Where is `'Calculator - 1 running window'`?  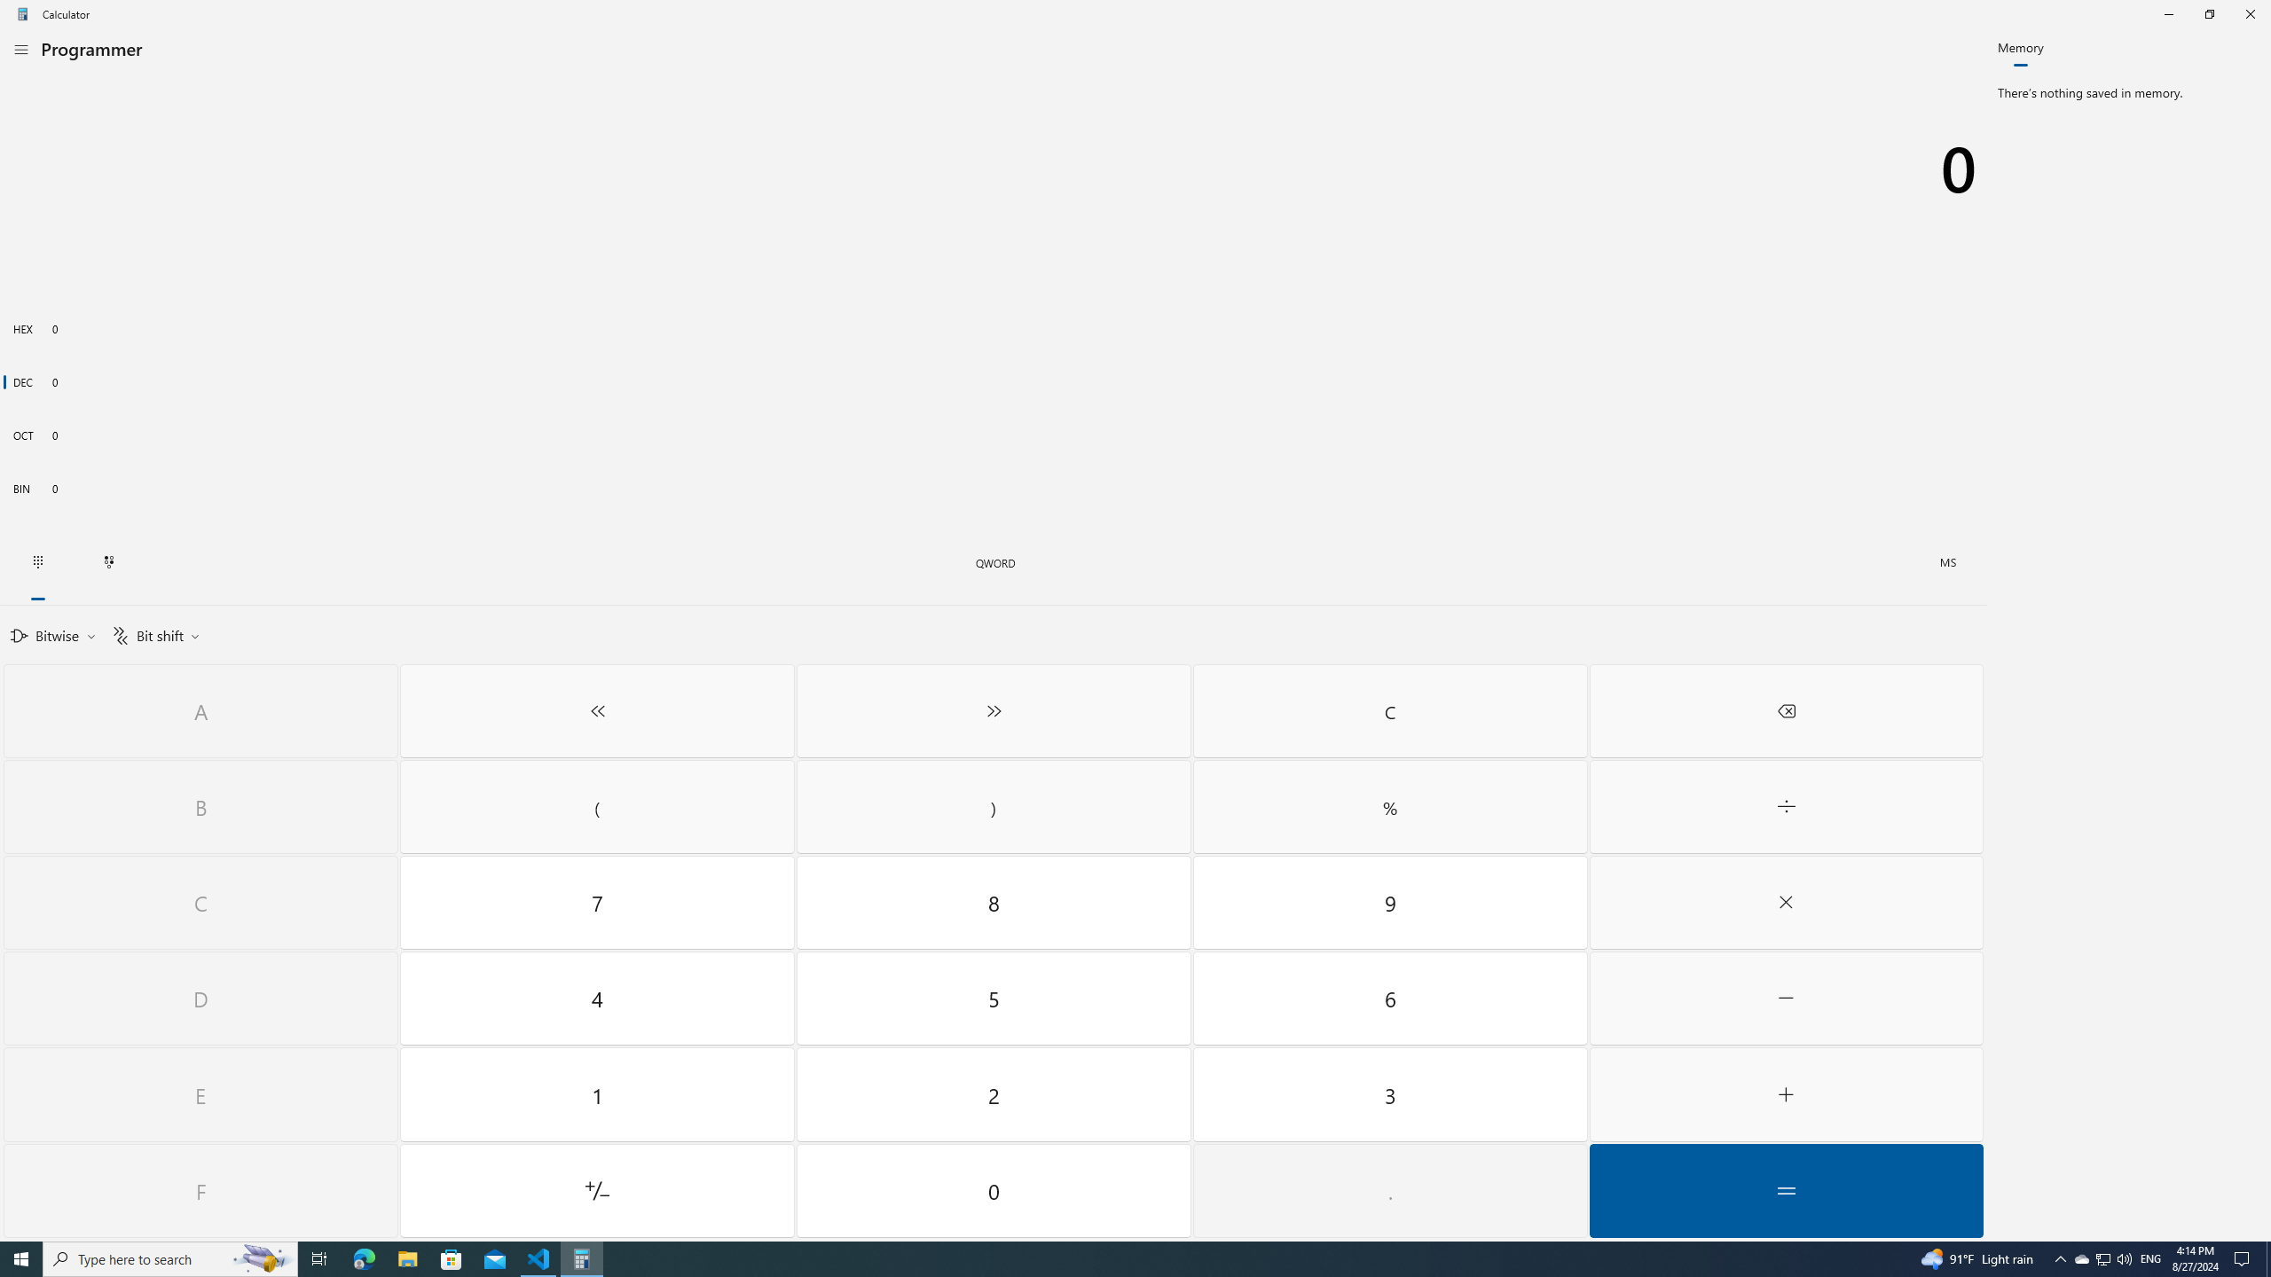 'Calculator - 1 running window' is located at coordinates (582, 1257).